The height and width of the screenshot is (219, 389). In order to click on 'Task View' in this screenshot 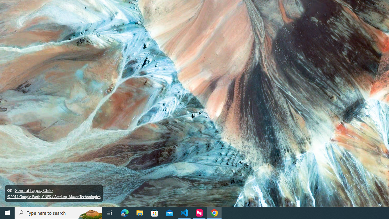, I will do `click(109, 212)`.